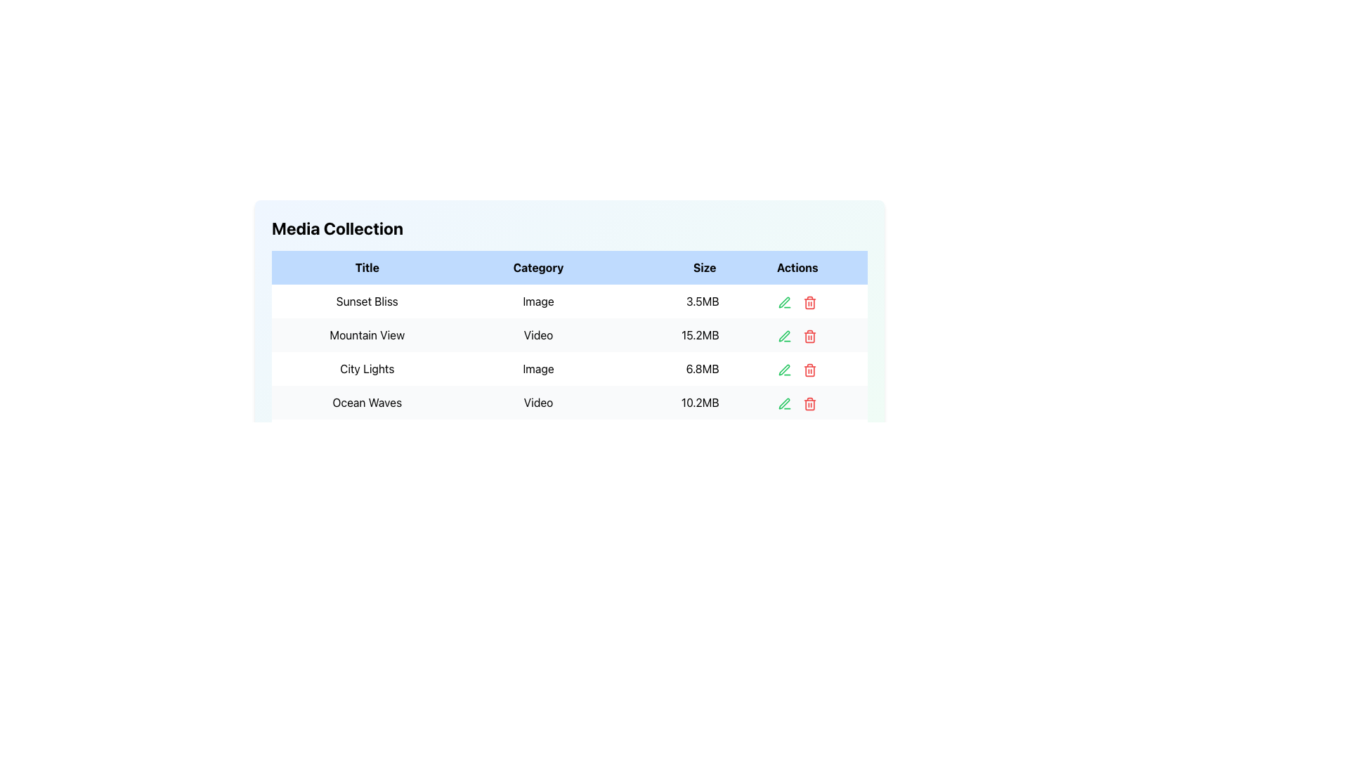 This screenshot has height=759, width=1349. I want to click on the pen icon located in the 'Actions' column of the data table, corresponding to the 'Ocean Waves' entry, to initiate editing, so click(783, 403).